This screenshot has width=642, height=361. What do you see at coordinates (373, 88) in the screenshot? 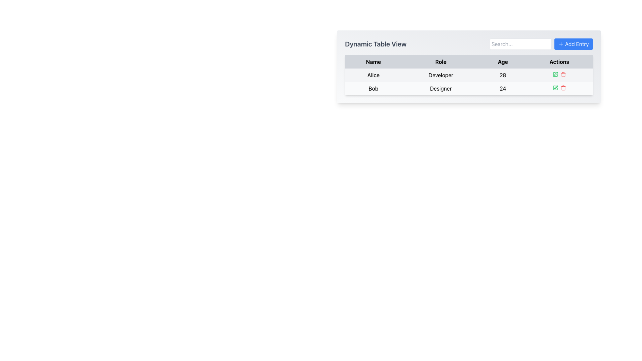
I see `the text element displaying the name 'Bob' in the 'Name' column of the table, located second from the top` at bounding box center [373, 88].